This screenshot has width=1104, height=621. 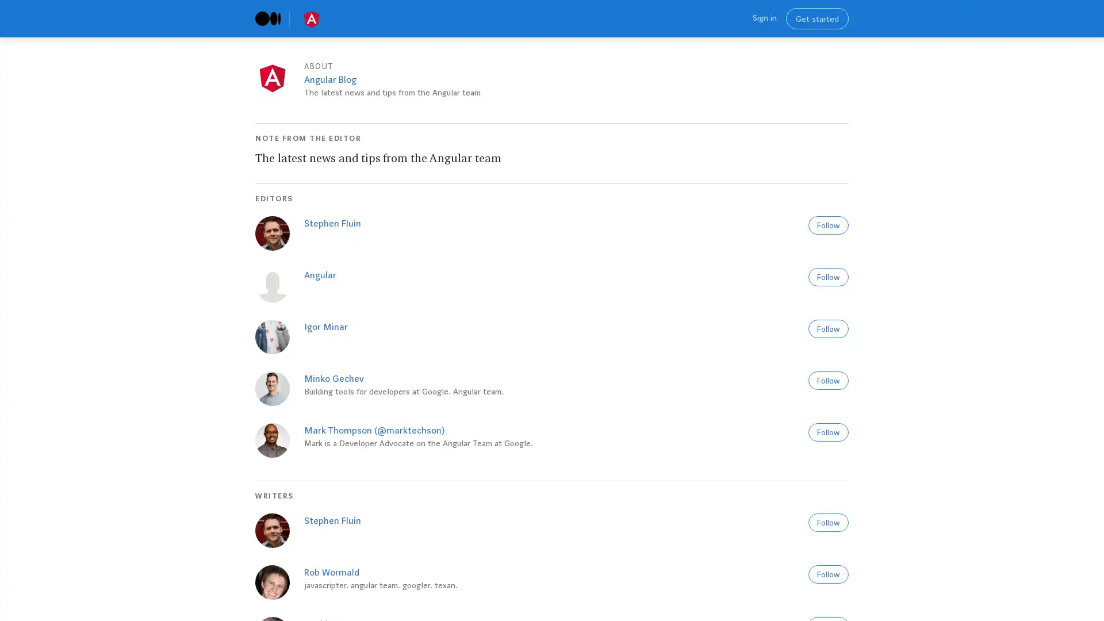 What do you see at coordinates (828, 522) in the screenshot?
I see `Follow to get new stories and recommendations from this author` at bounding box center [828, 522].